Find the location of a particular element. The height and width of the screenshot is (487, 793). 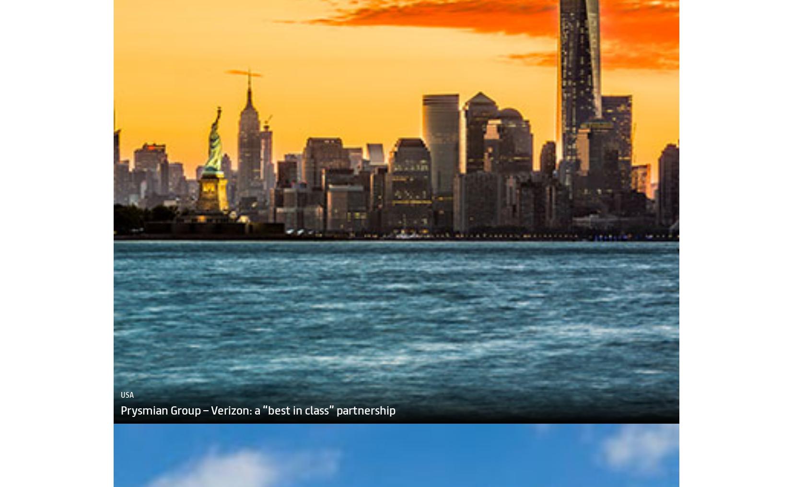

'- Milan,' is located at coordinates (735, 482).